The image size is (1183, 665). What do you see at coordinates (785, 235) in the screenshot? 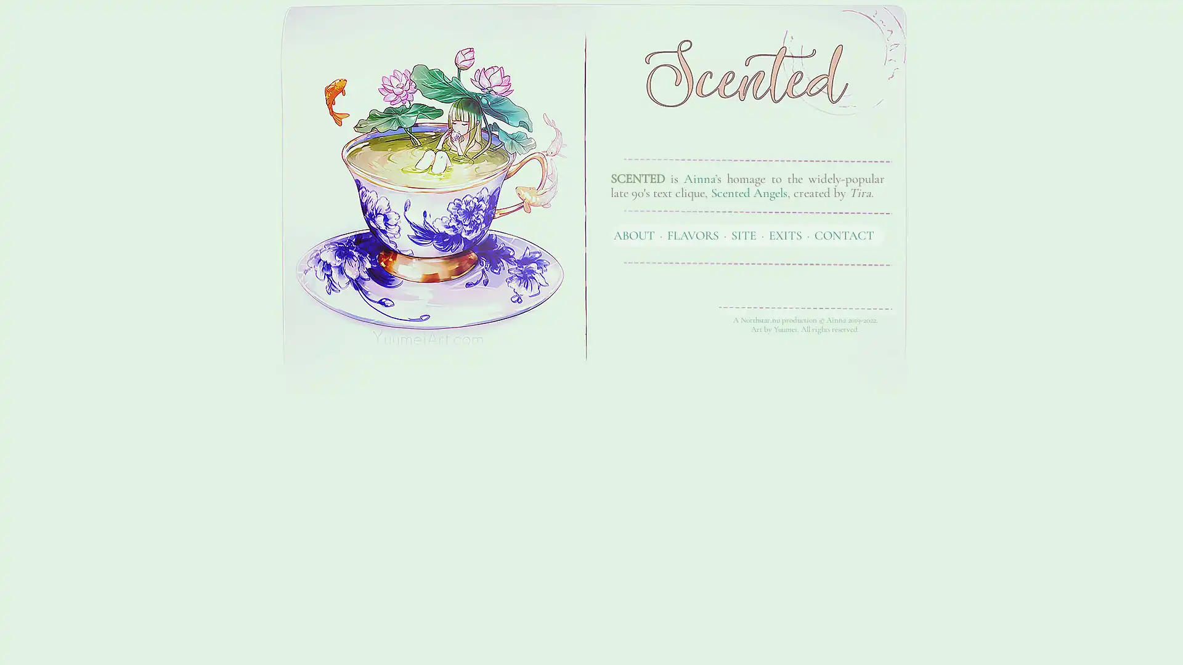
I see `EXITS` at bounding box center [785, 235].